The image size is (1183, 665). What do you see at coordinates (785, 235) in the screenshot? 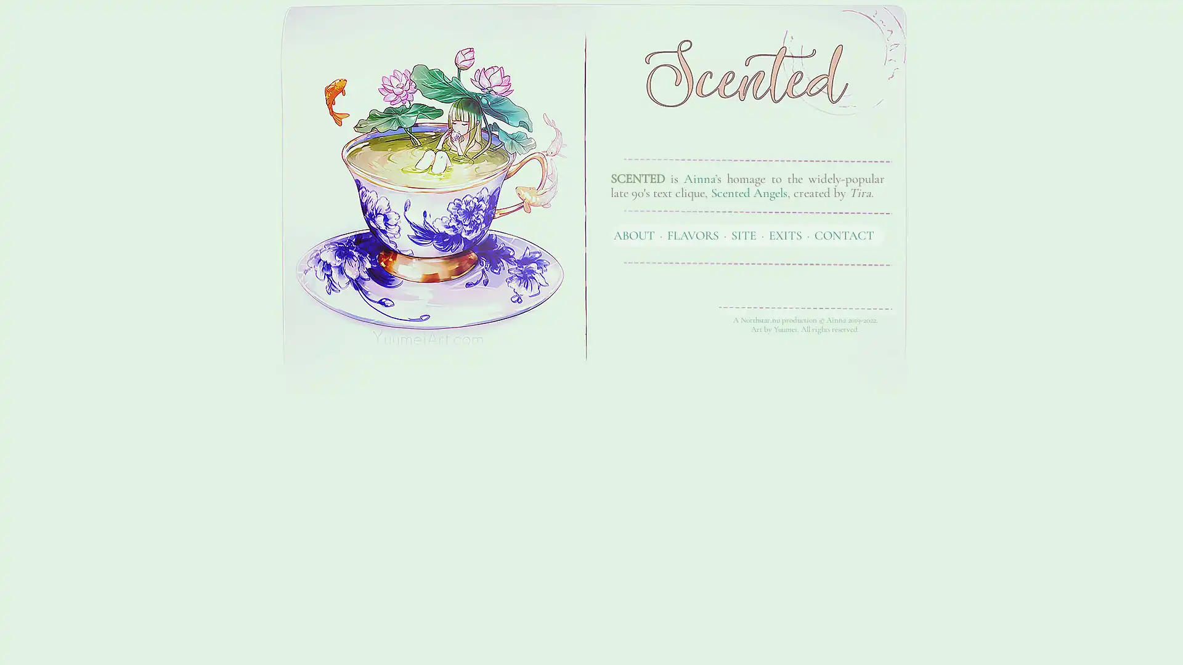
I see `EXITS` at bounding box center [785, 235].